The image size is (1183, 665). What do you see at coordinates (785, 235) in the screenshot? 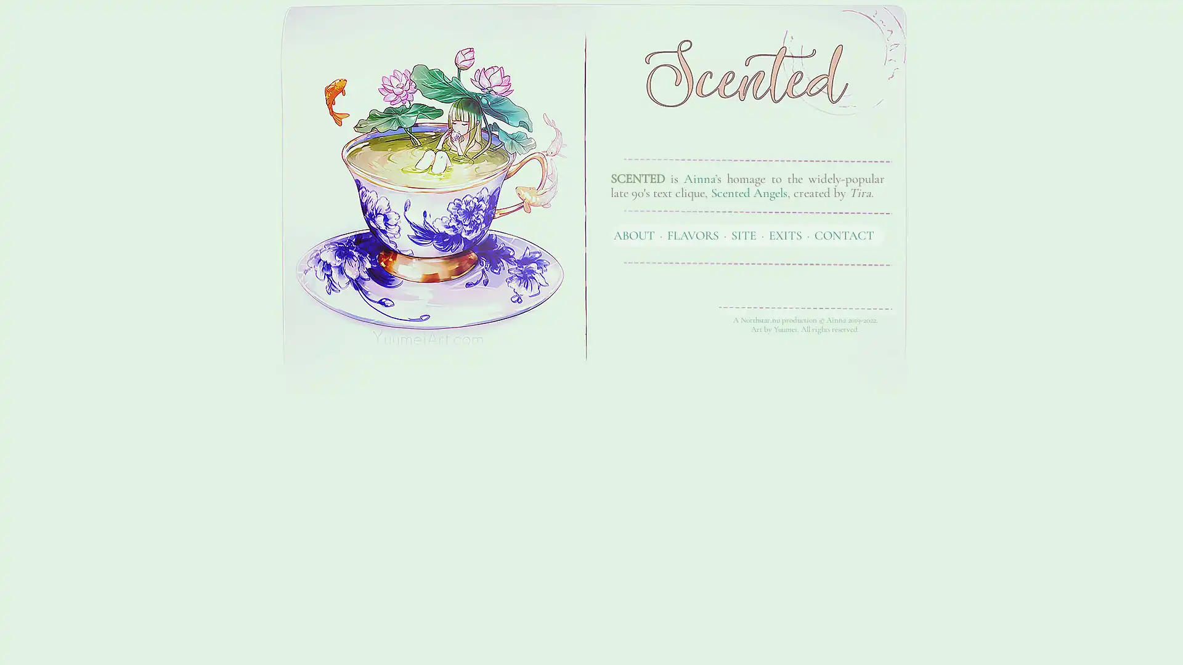
I see `EXITS` at bounding box center [785, 235].